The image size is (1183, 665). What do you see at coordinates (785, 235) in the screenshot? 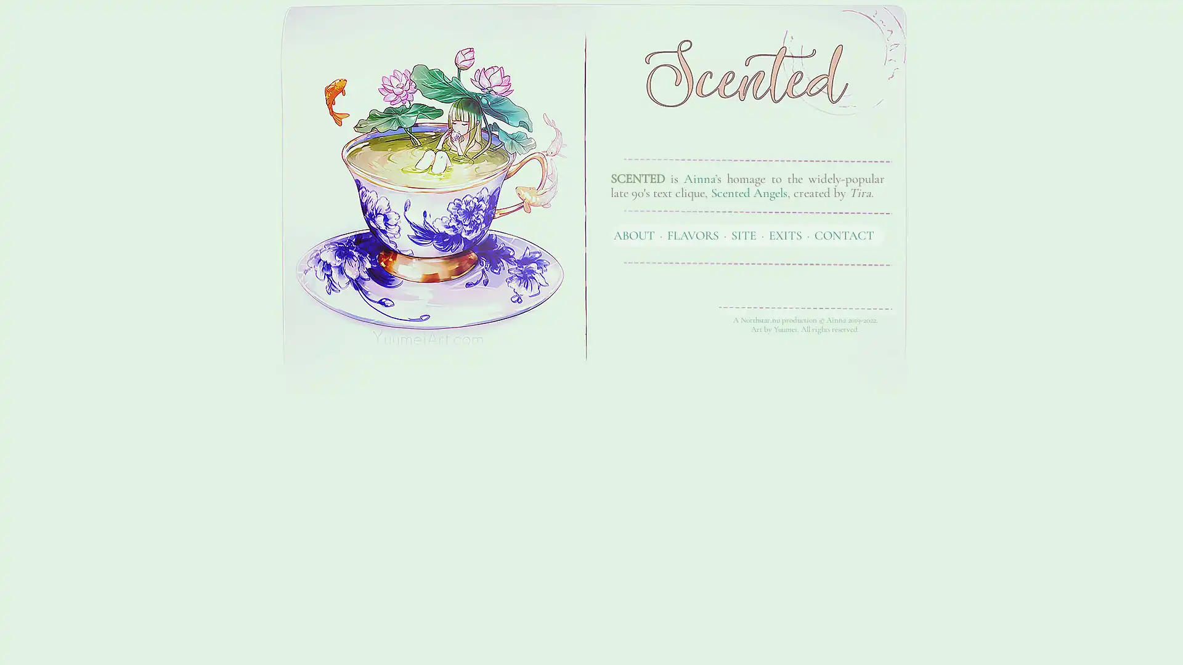
I see `EXITS` at bounding box center [785, 235].